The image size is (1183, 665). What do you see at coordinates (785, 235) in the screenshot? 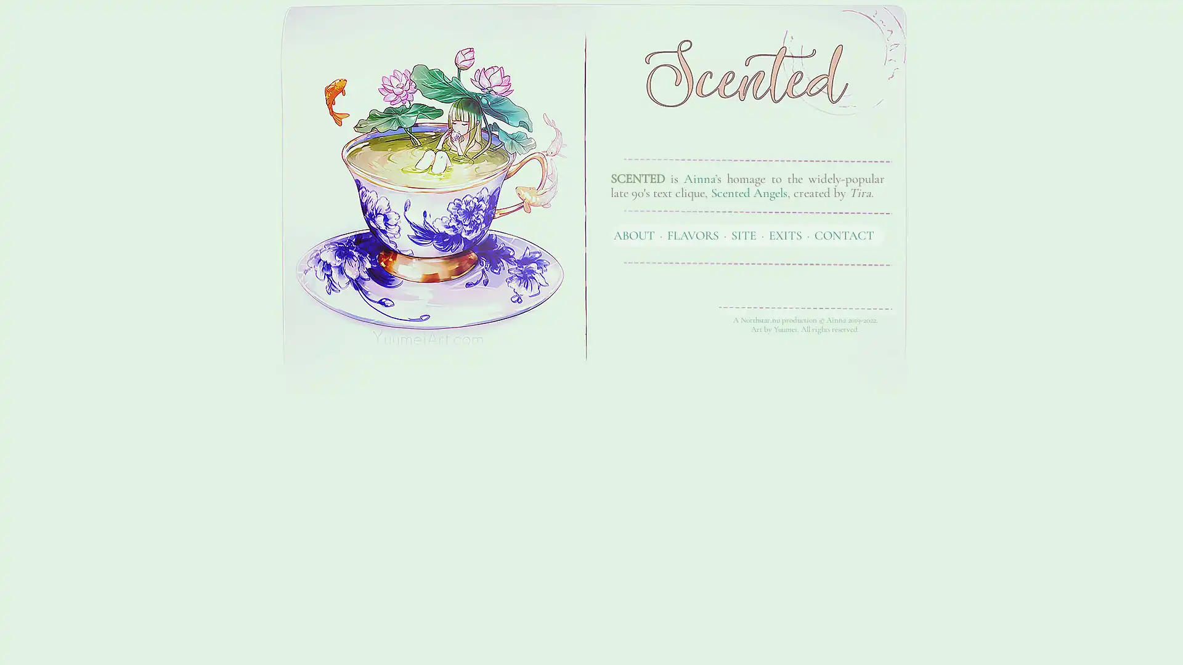
I see `EXITS` at bounding box center [785, 235].